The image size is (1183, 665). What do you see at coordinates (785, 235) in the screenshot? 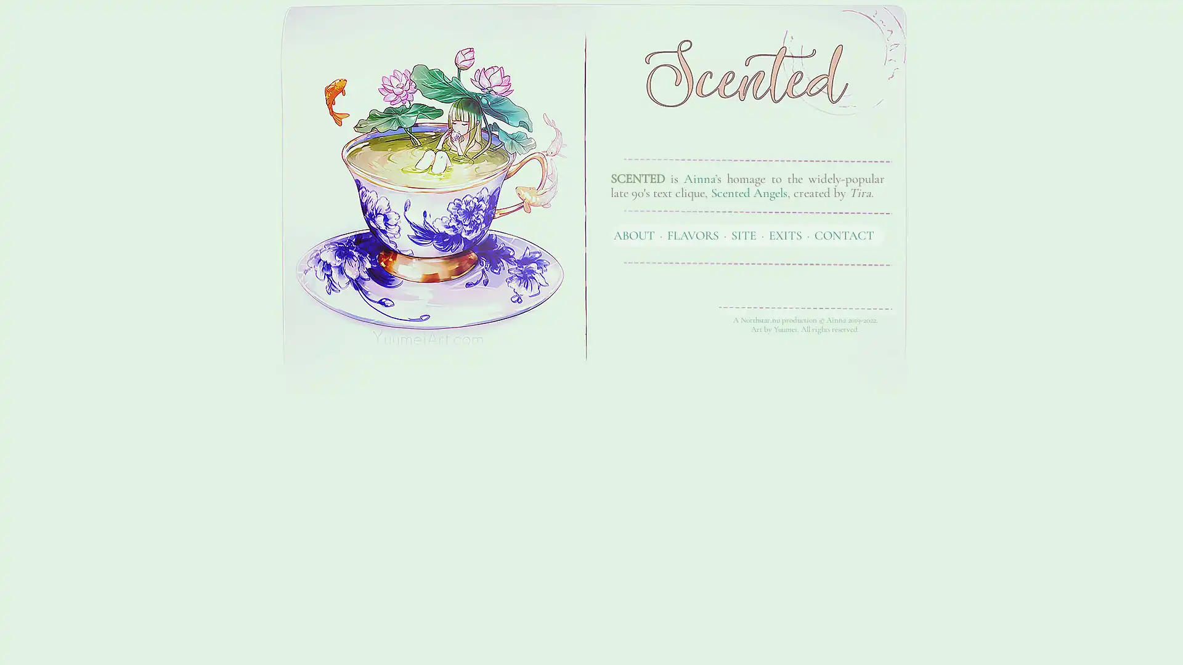
I see `EXITS` at bounding box center [785, 235].